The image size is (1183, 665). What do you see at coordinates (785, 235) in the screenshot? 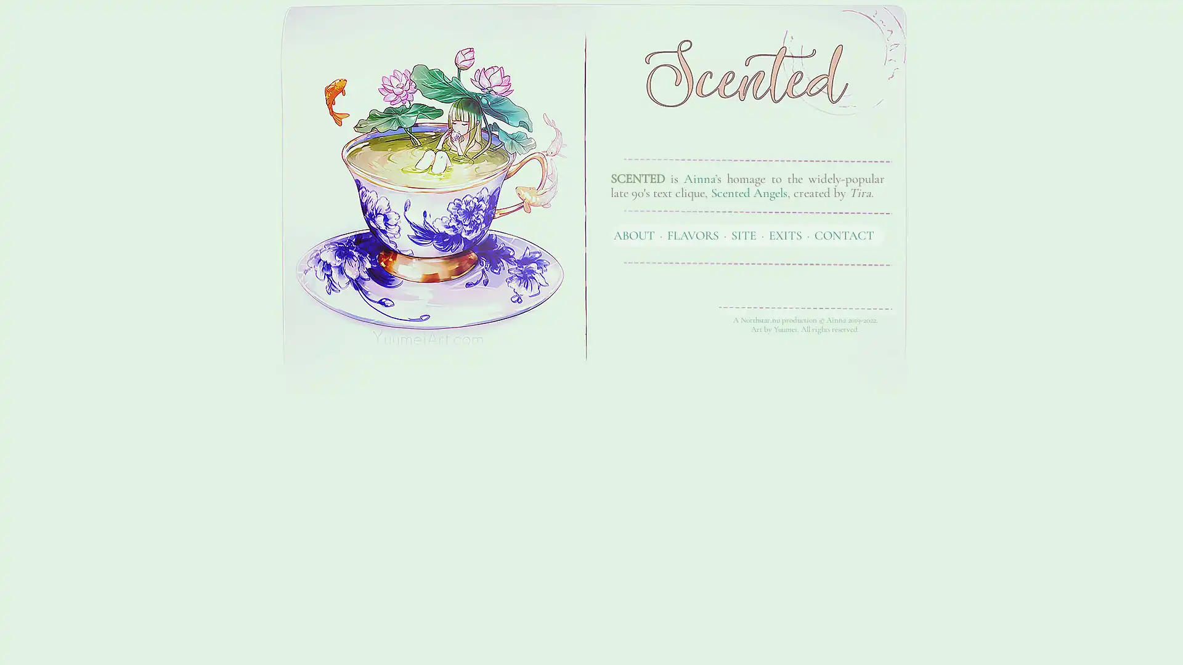
I see `EXITS` at bounding box center [785, 235].